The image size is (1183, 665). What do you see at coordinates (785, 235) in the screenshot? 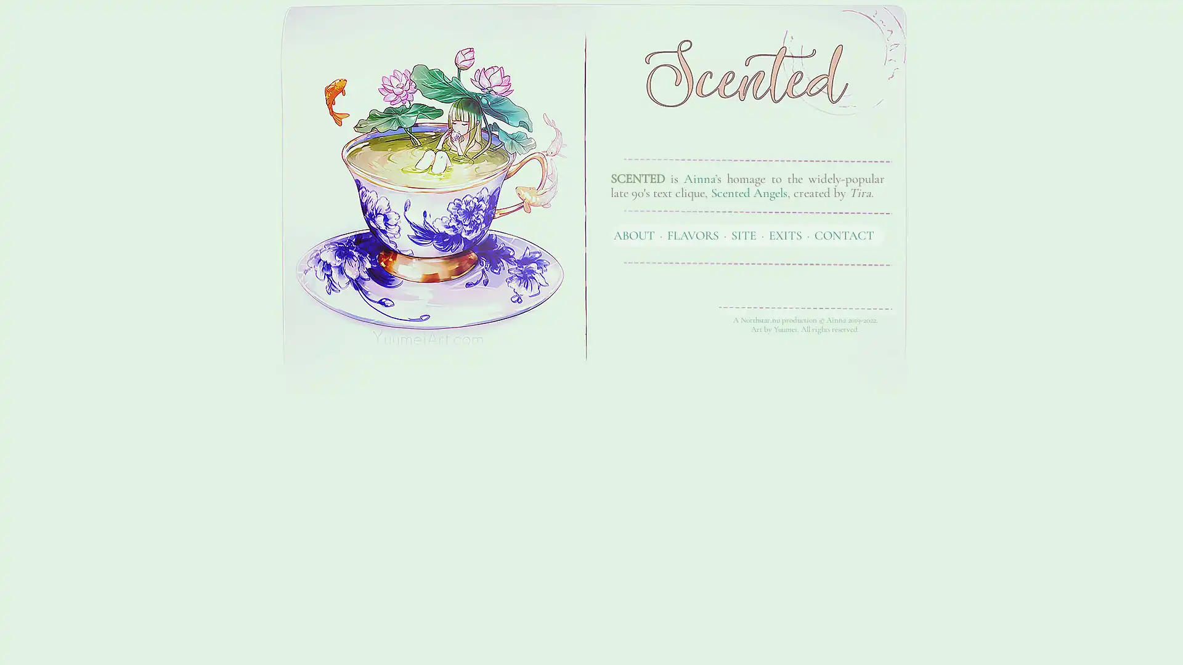
I see `EXITS` at bounding box center [785, 235].